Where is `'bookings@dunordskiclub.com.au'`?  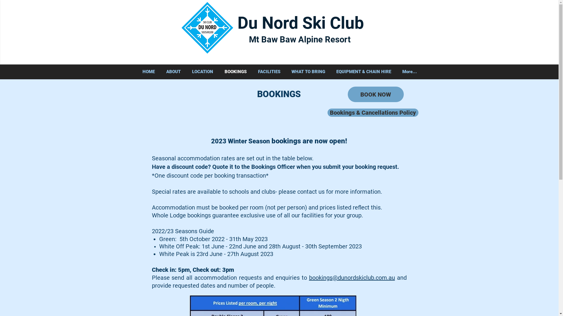
'bookings@dunordskiclub.com.au' is located at coordinates (352, 277).